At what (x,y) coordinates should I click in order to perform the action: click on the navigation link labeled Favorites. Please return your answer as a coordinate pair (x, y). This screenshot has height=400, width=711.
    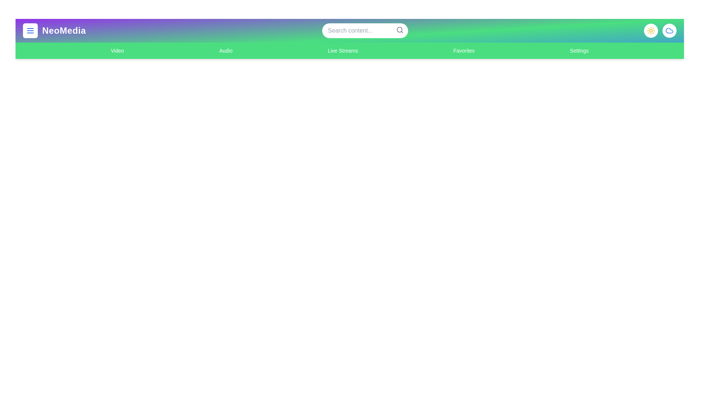
    Looking at the image, I should click on (463, 50).